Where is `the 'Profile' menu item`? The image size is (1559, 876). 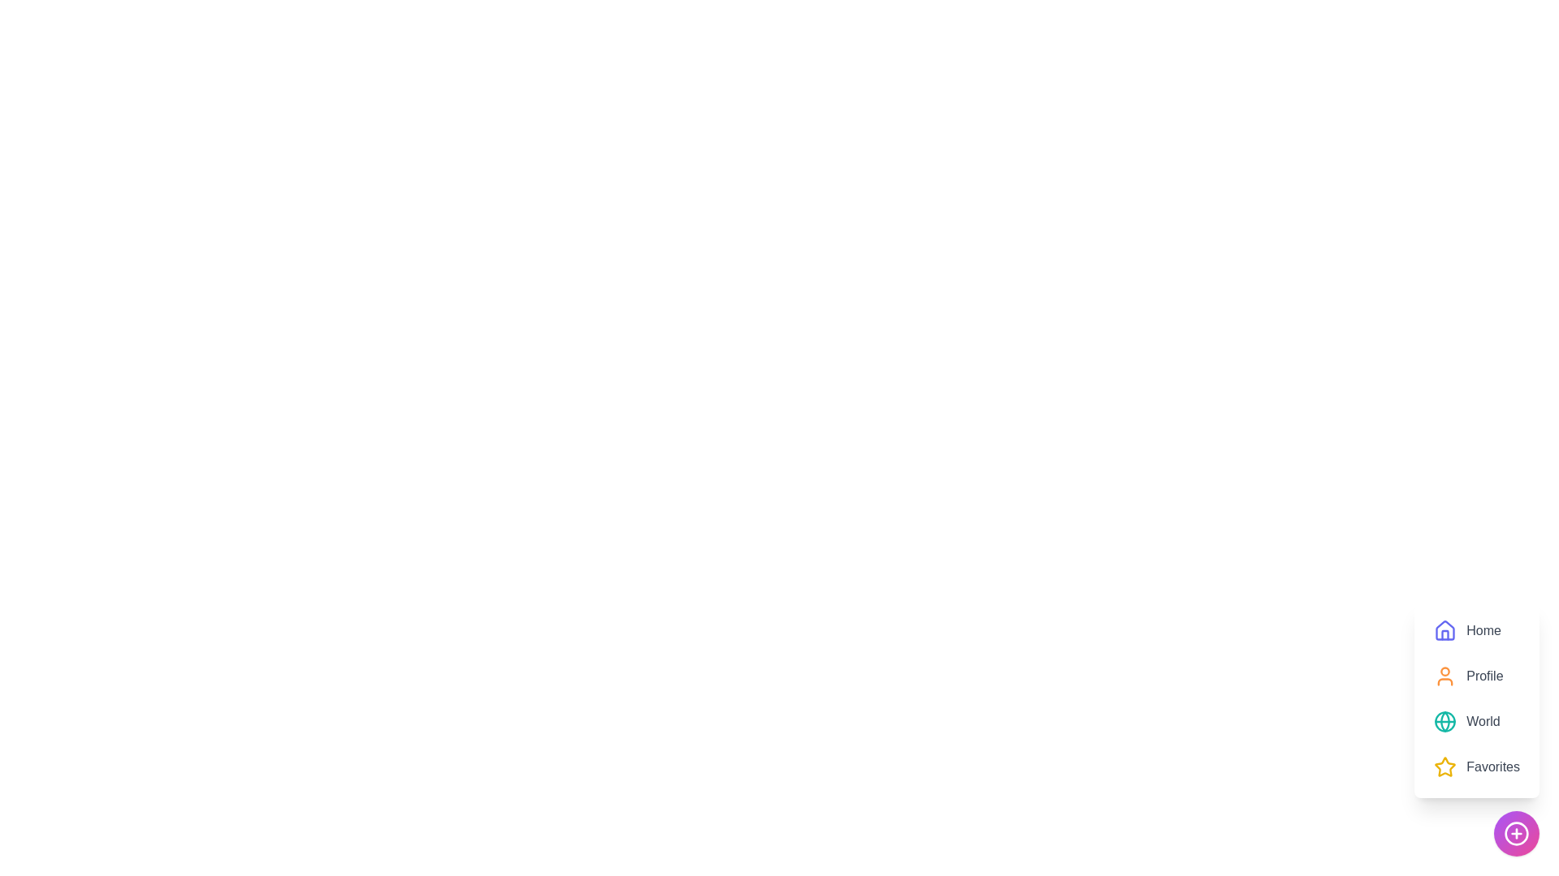
the 'Profile' menu item is located at coordinates (1468, 676).